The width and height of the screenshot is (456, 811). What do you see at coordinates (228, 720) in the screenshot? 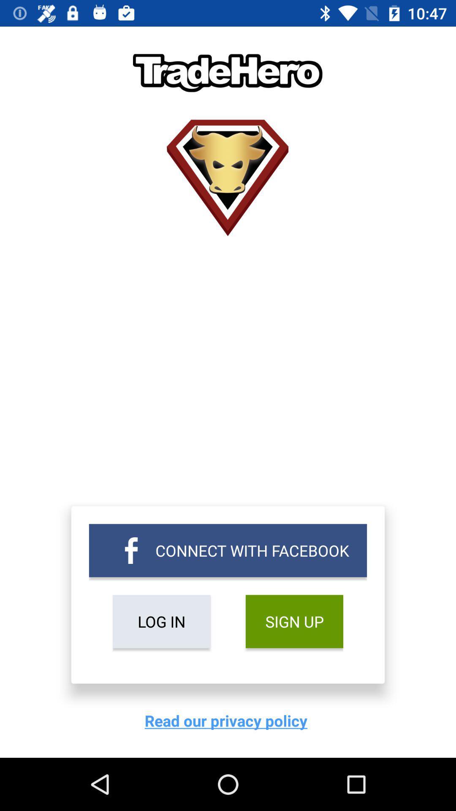
I see `read our privacy` at bounding box center [228, 720].